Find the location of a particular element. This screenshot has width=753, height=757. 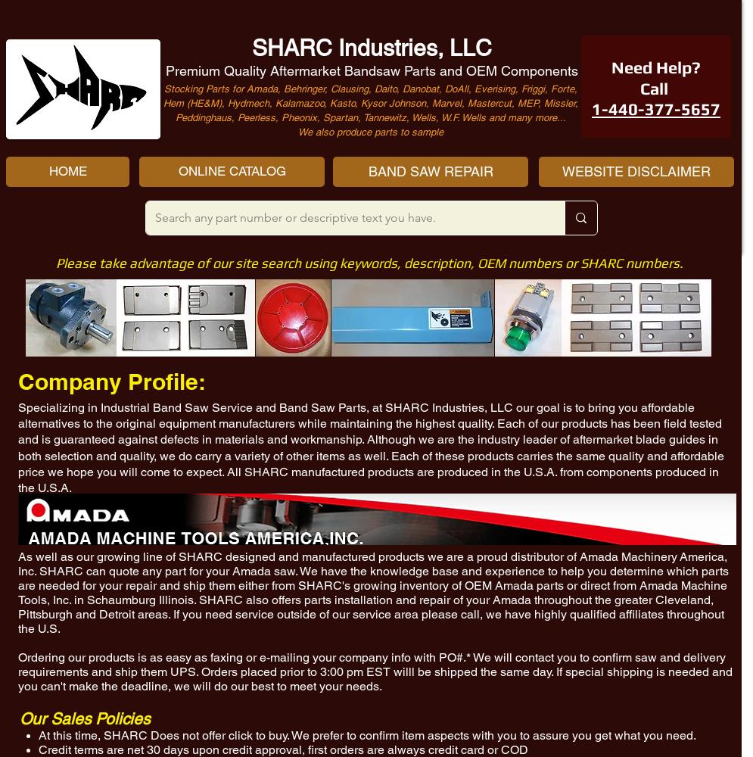

'Need Help?' is located at coordinates (656, 67).